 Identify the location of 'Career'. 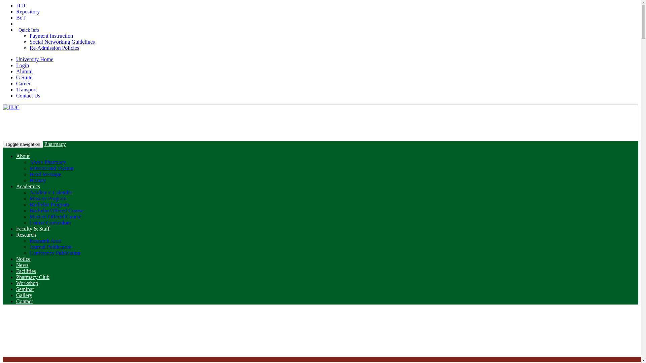
(23, 83).